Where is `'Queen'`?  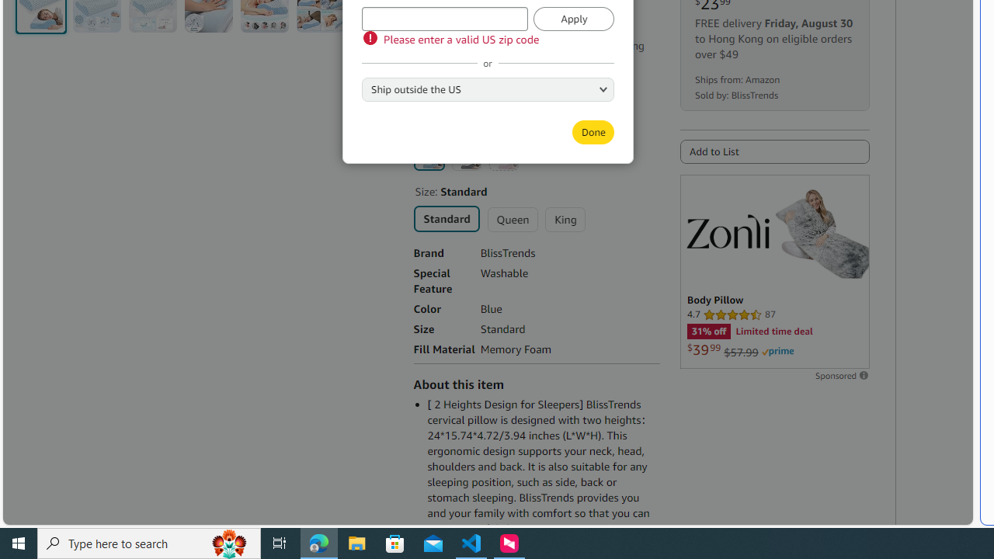
'Queen' is located at coordinates (513, 219).